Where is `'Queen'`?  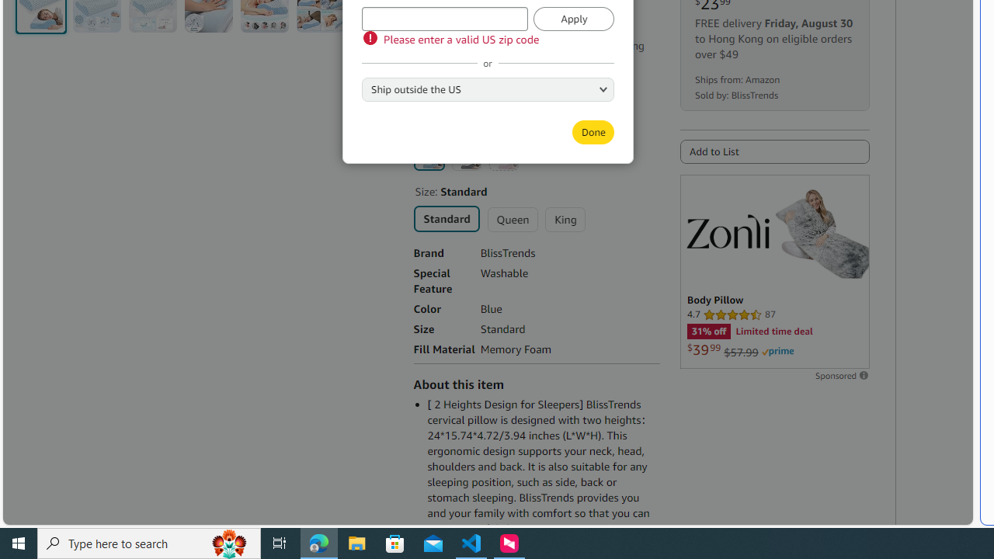
'Queen' is located at coordinates (513, 219).